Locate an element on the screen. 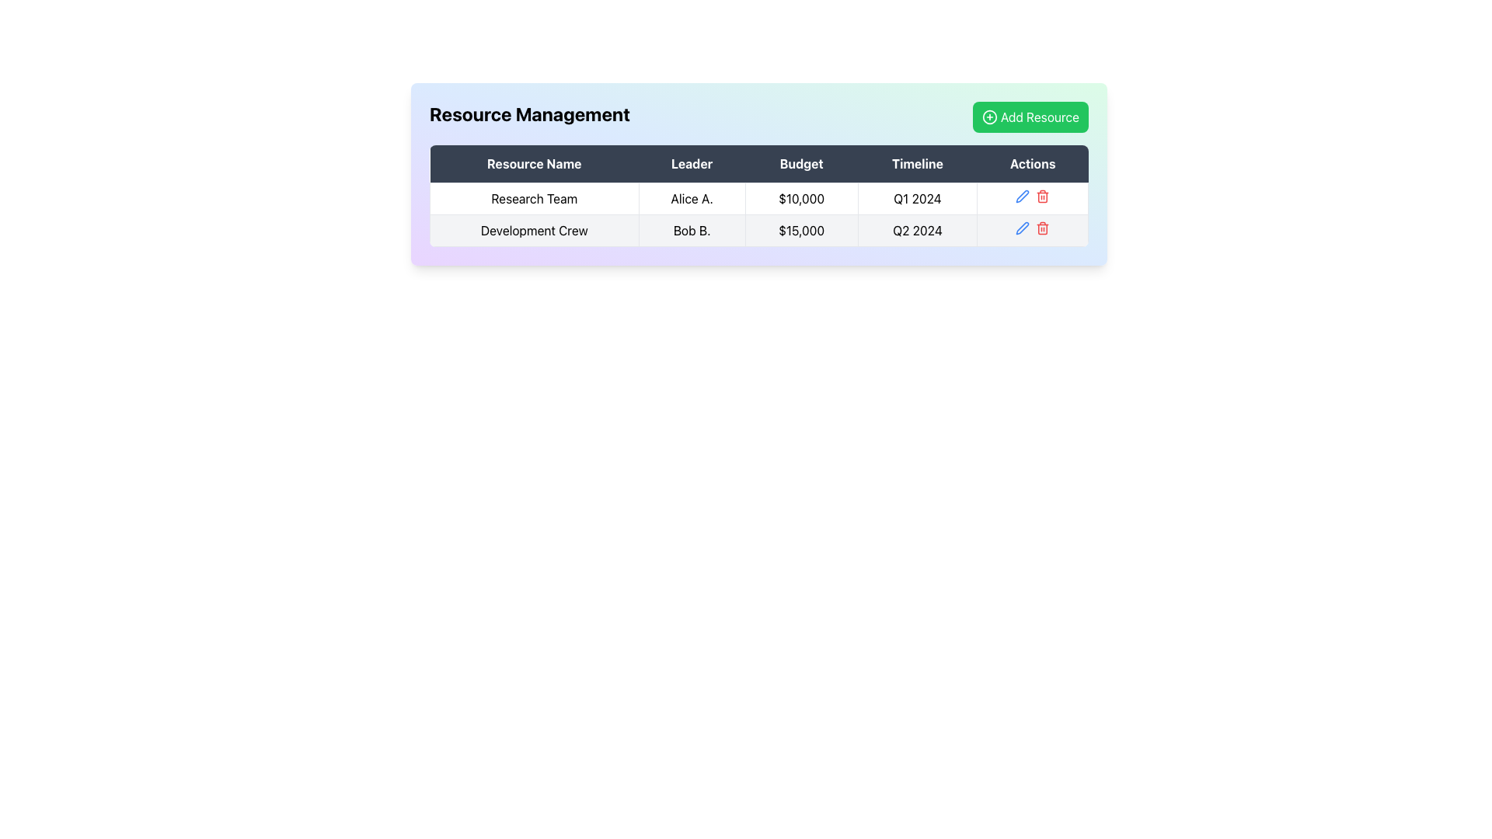  the text display element that shows 'Q2 2024' in the fourth column of the second row, labeled under 'Development Crew' in the resource management data table is located at coordinates (917, 231).